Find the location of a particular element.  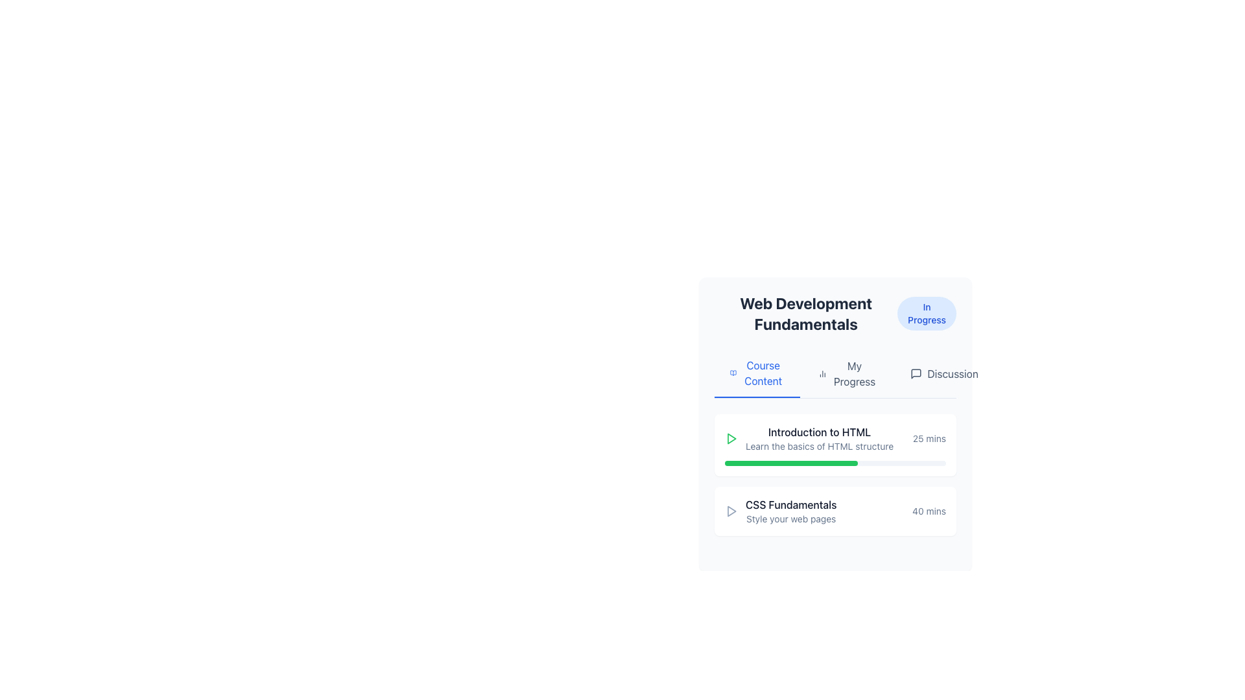

the play icon in the Course information block for the 'Introduction to HTML' course located in the first course card under the 'Web Development Fundamentals' section is located at coordinates (835, 438).